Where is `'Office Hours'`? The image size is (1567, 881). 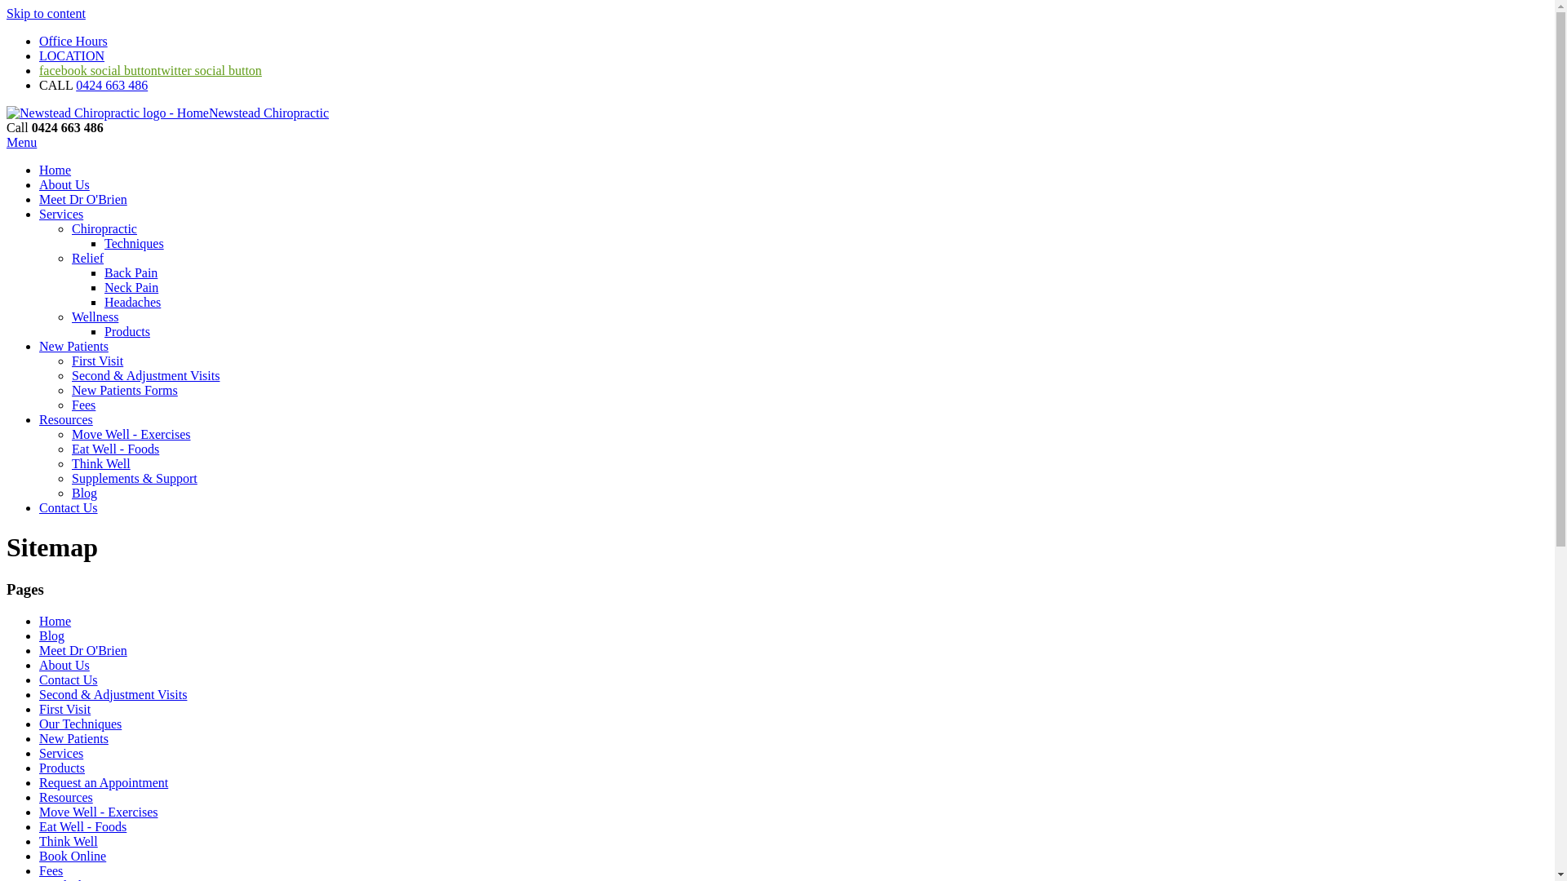 'Office Hours' is located at coordinates (73, 40).